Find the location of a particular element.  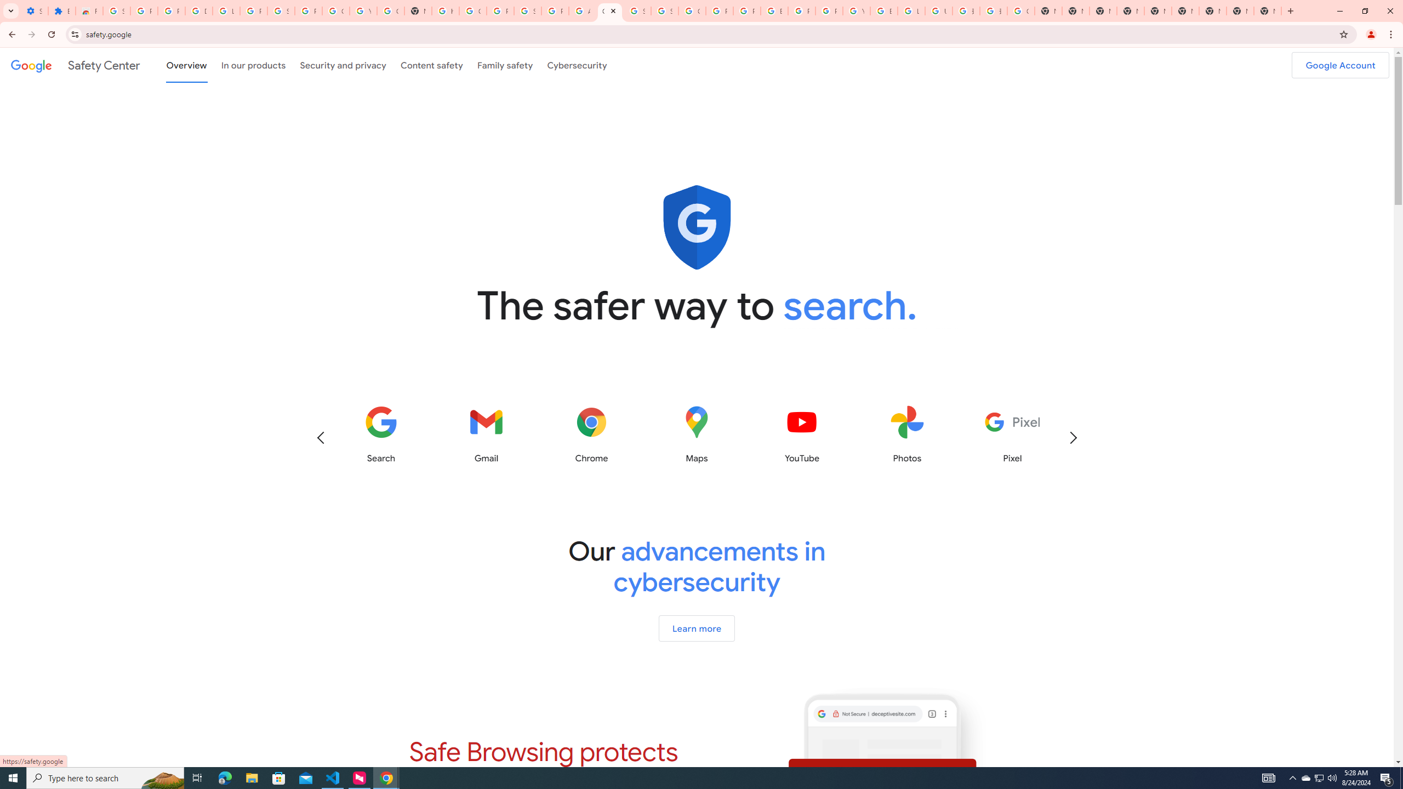

'Previous' is located at coordinates (320, 437).